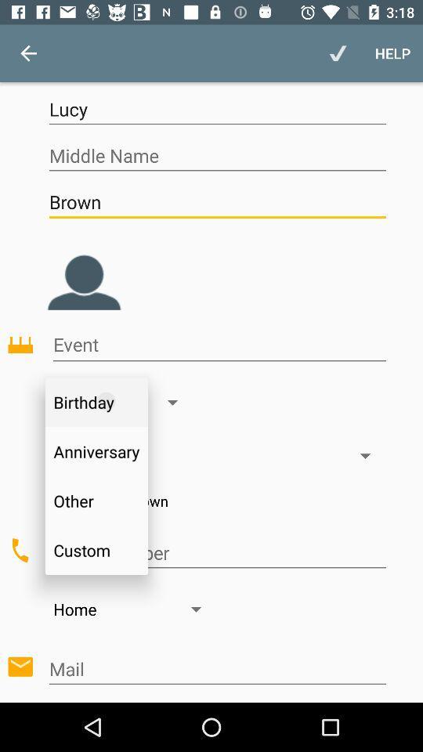  I want to click on text box for your phone number, so click(216, 553).